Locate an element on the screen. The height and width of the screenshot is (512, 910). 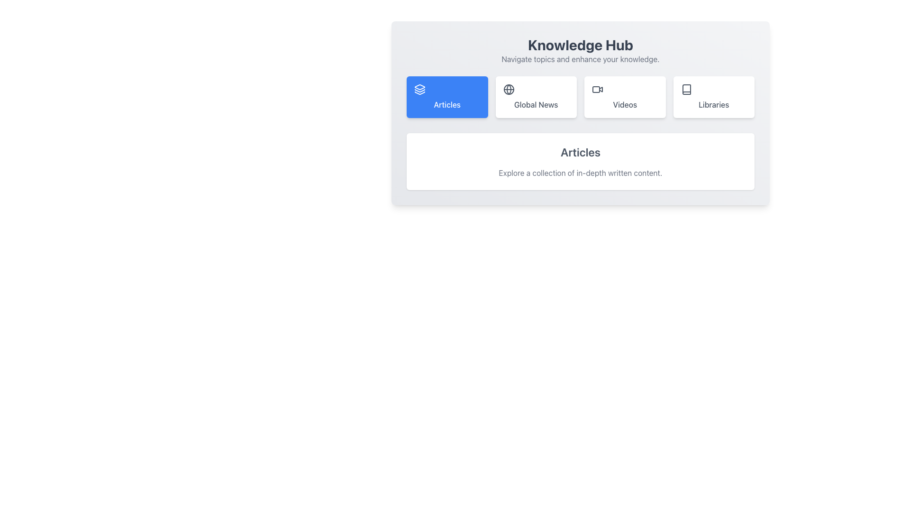
text content of the 'Global News' element, which is styled with a medium font weight and positioned at the bottom-center of a rectangular card is located at coordinates (536, 104).